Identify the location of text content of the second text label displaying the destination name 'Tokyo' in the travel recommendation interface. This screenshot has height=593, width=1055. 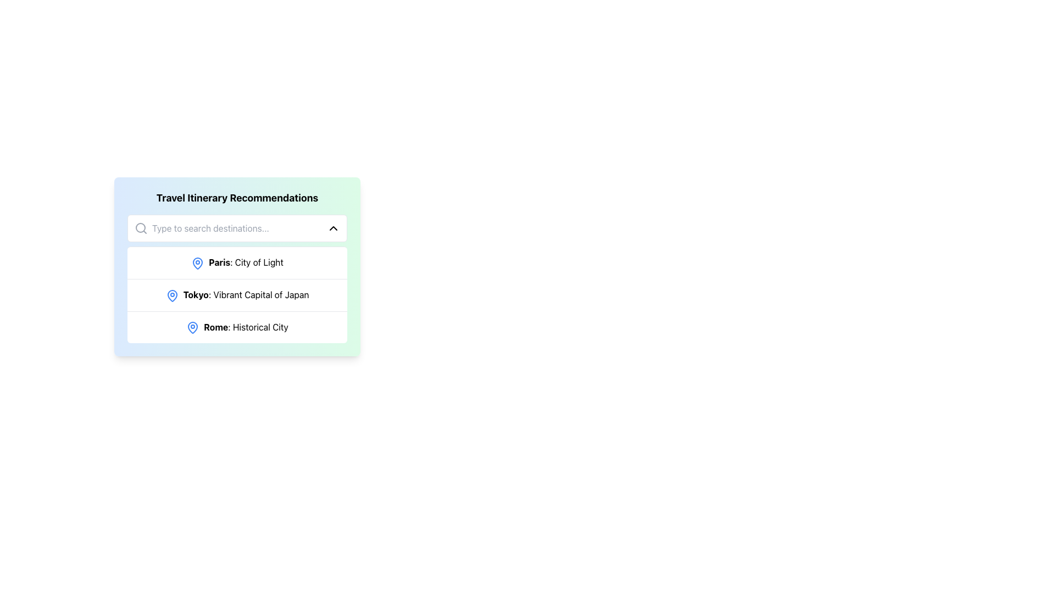
(196, 294).